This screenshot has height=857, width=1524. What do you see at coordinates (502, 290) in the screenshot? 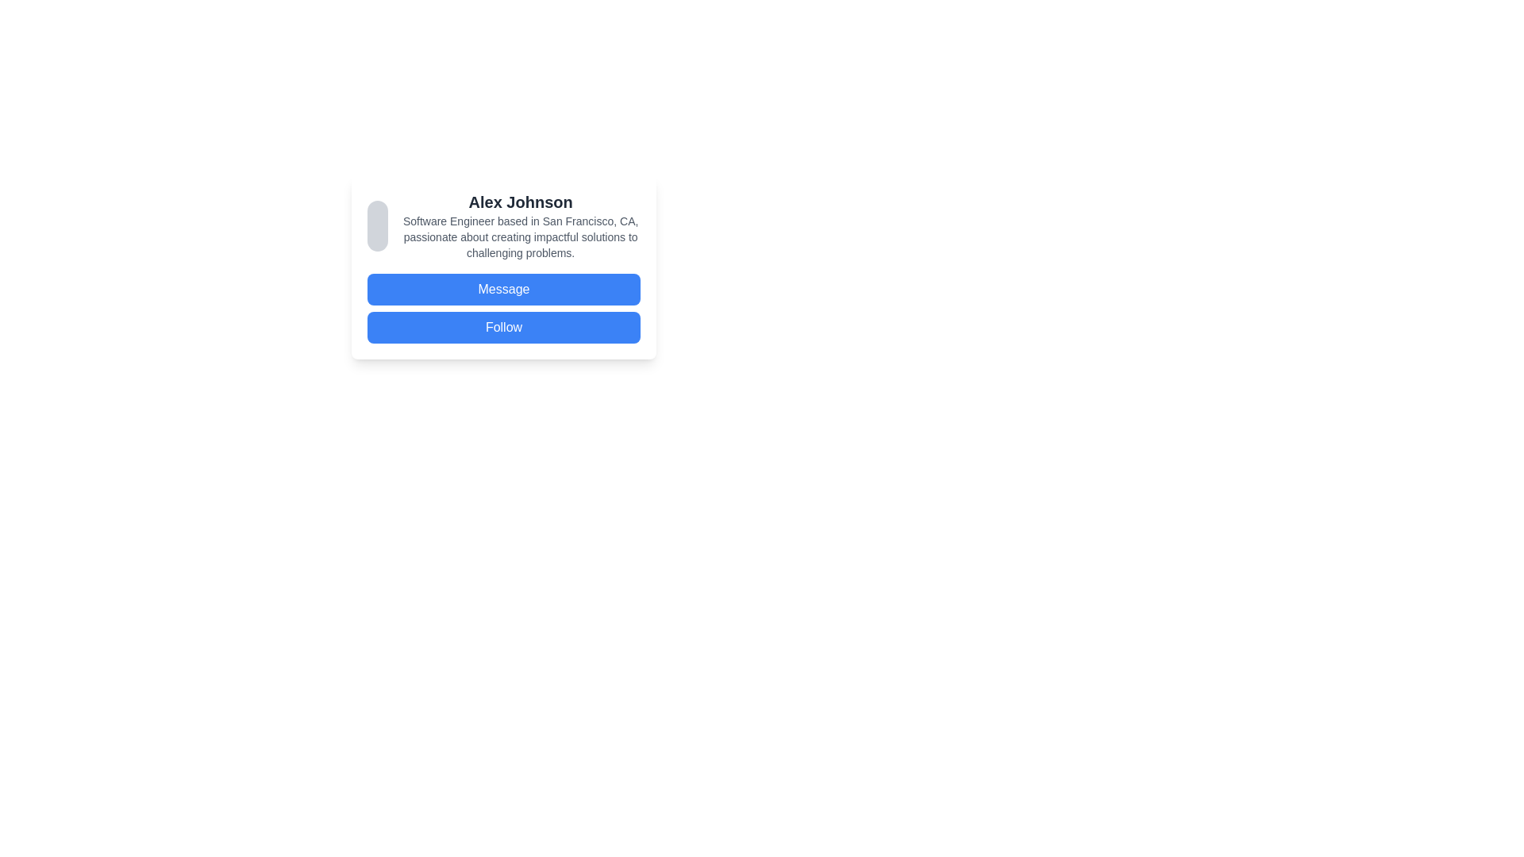
I see `the messaging button, which is the first of two vertically aligned buttons, to observe the visual change` at bounding box center [502, 290].